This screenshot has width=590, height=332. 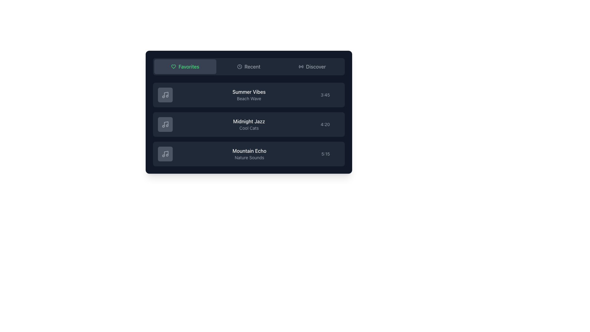 I want to click on the second list item representing a music track, which includes a small gray icon, bold white track name, a gray subtitle, and a timestamp, so click(x=249, y=124).